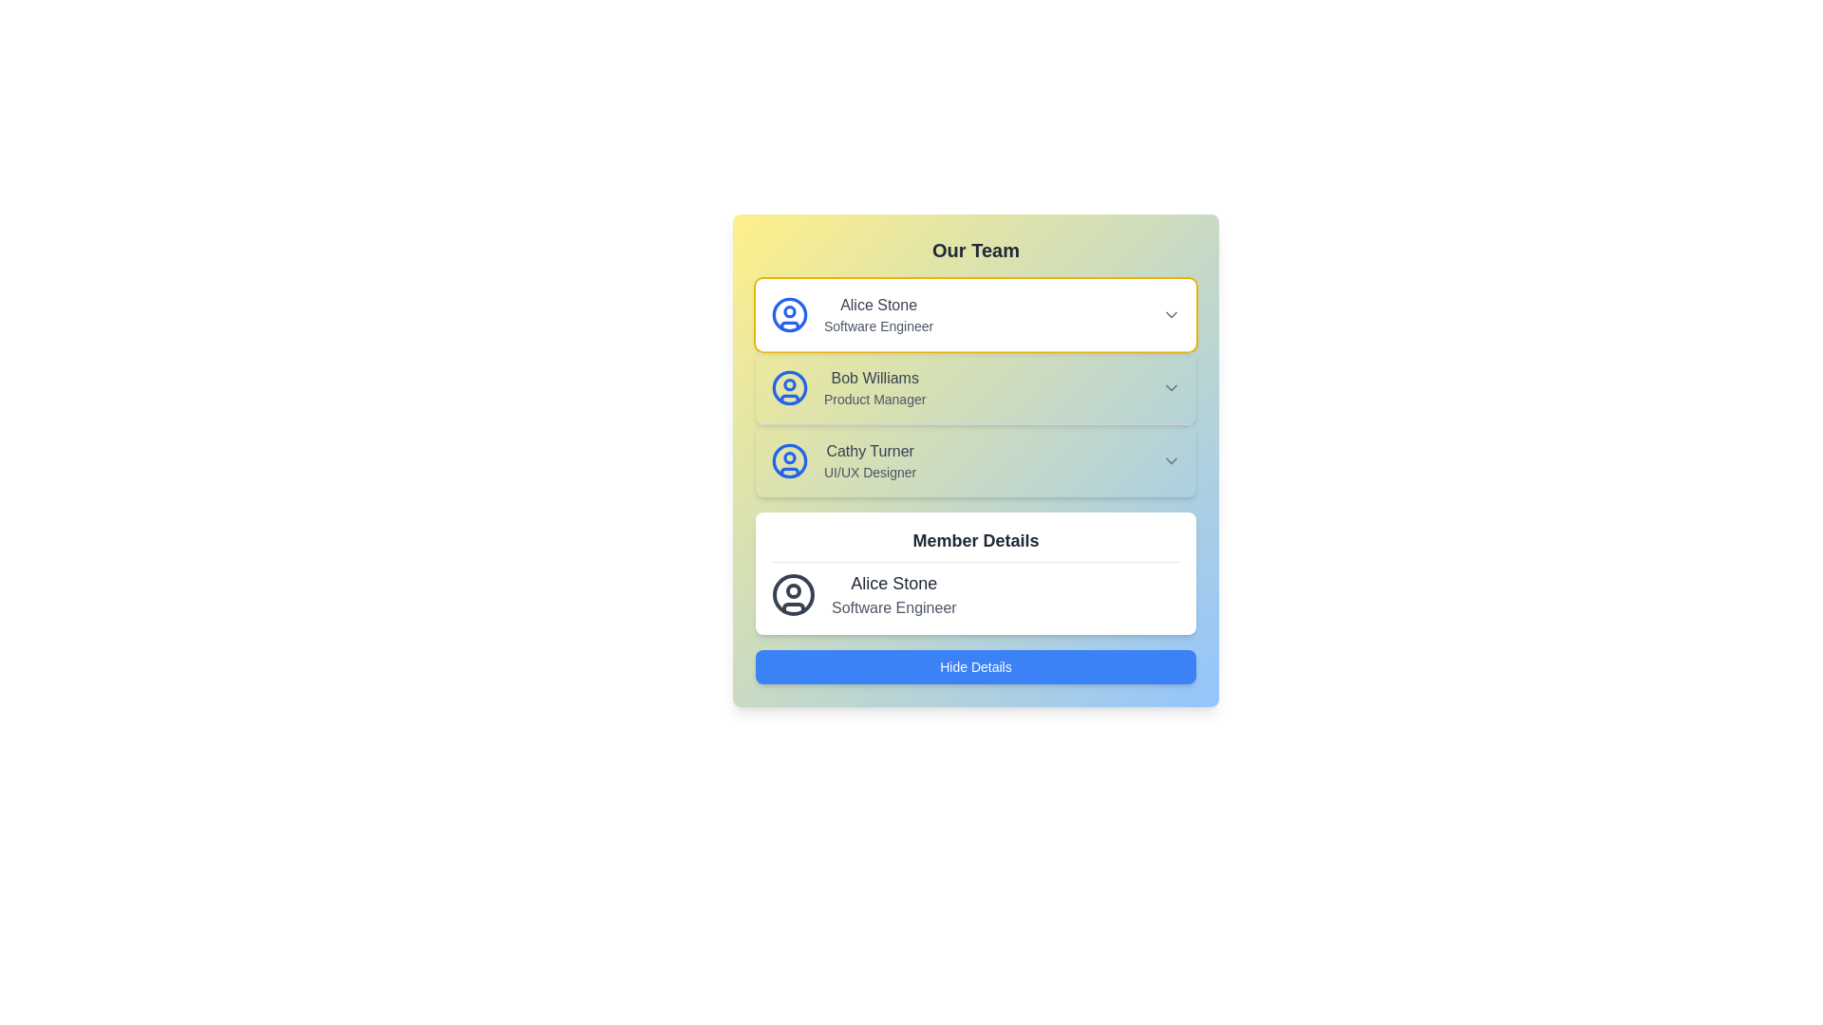 The height and width of the screenshot is (1025, 1823). What do you see at coordinates (975, 460) in the screenshot?
I see `to select the Profile Card displaying 'Cathy Turner' as a UI/UX Designer, which is the third card in the 'Our Team' section` at bounding box center [975, 460].